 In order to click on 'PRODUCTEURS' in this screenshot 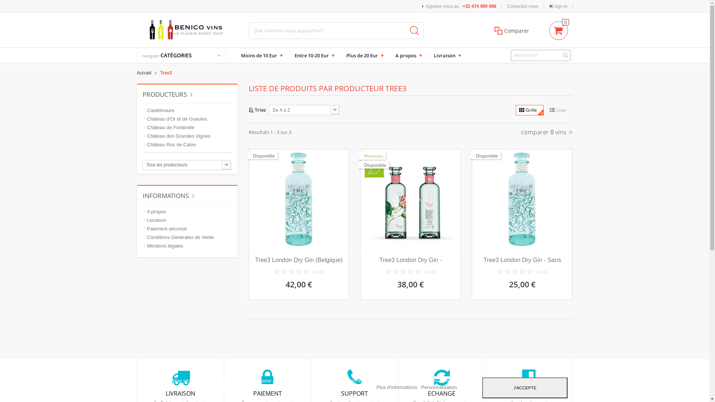, I will do `click(167, 94)`.